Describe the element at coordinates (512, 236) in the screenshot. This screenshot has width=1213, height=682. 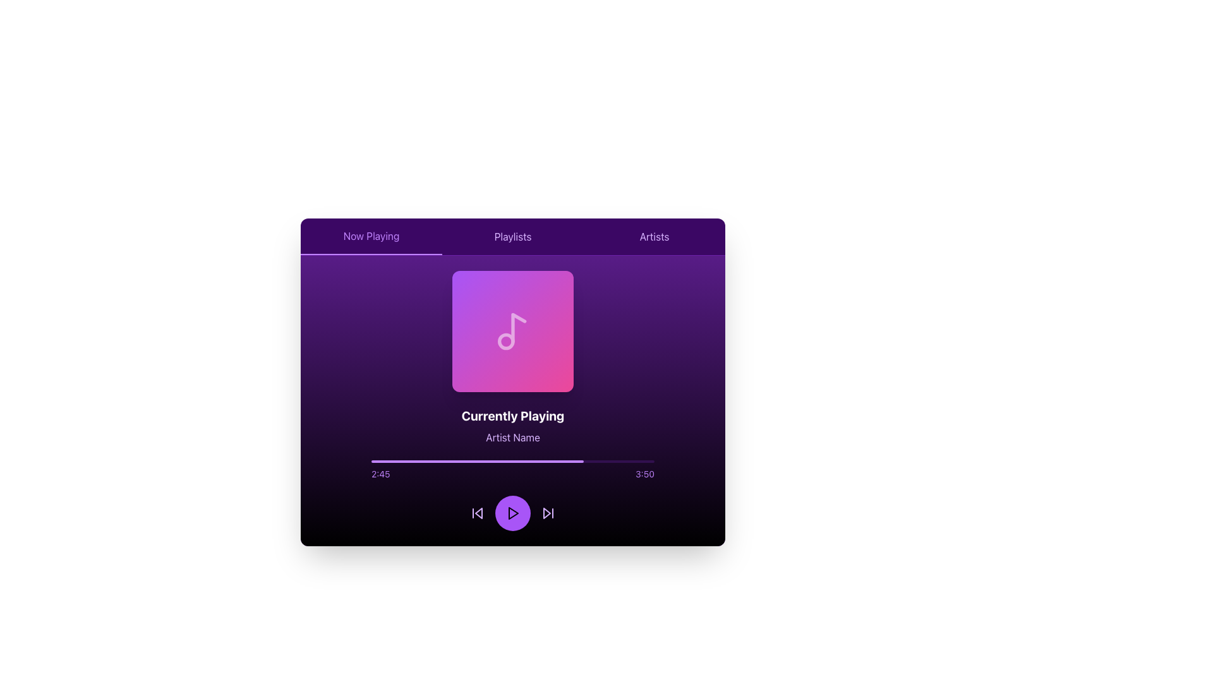
I see `the 'Playlists' button, which is a horizontally-aligned text label with a purple hue, located in the middle of a row of three options at the top of the user interface panel` at that location.